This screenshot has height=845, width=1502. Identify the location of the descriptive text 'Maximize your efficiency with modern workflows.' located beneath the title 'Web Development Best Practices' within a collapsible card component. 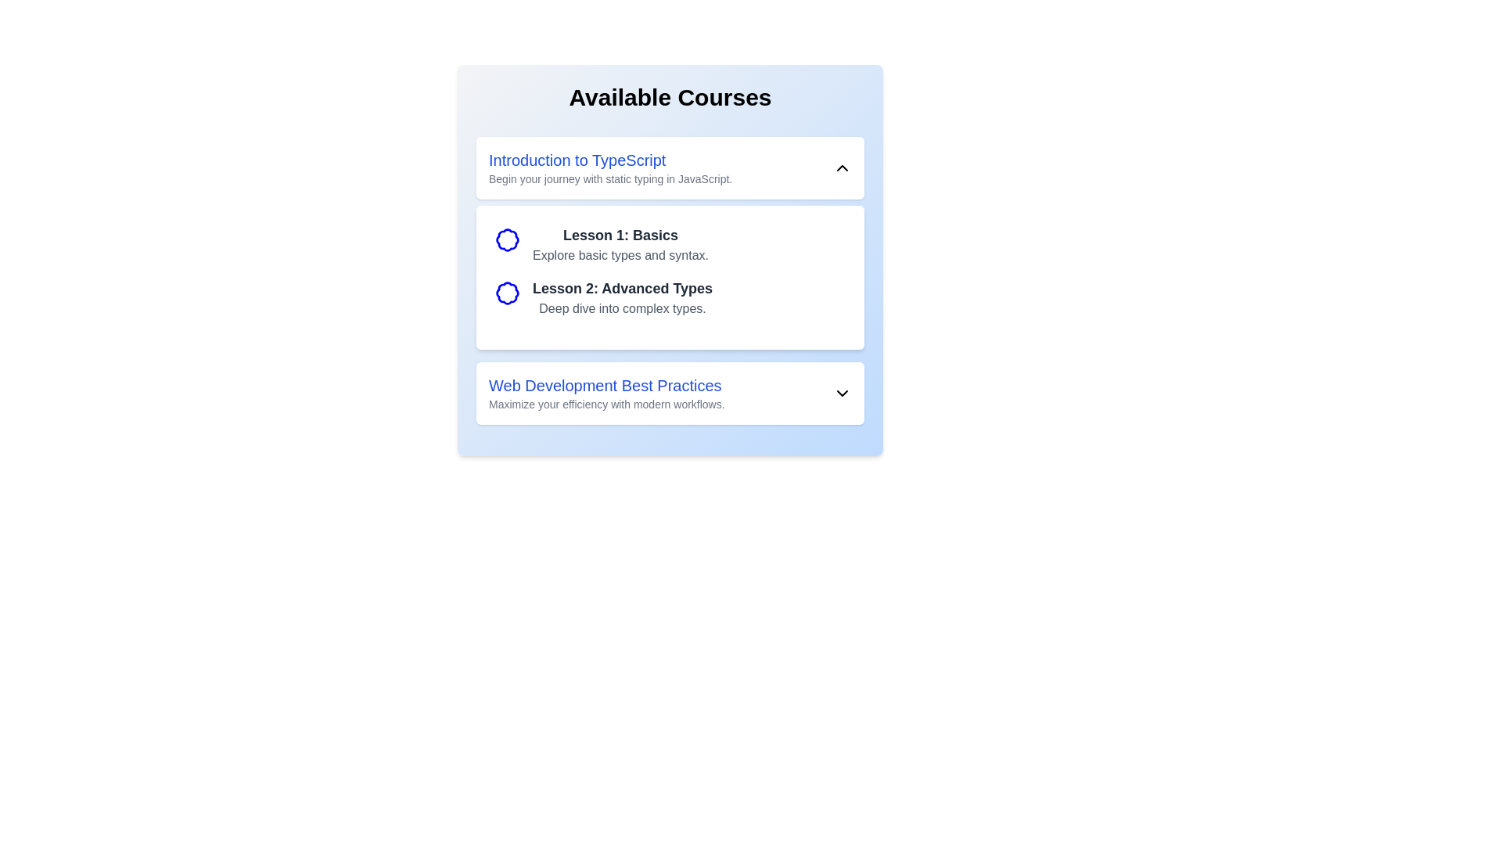
(605, 403).